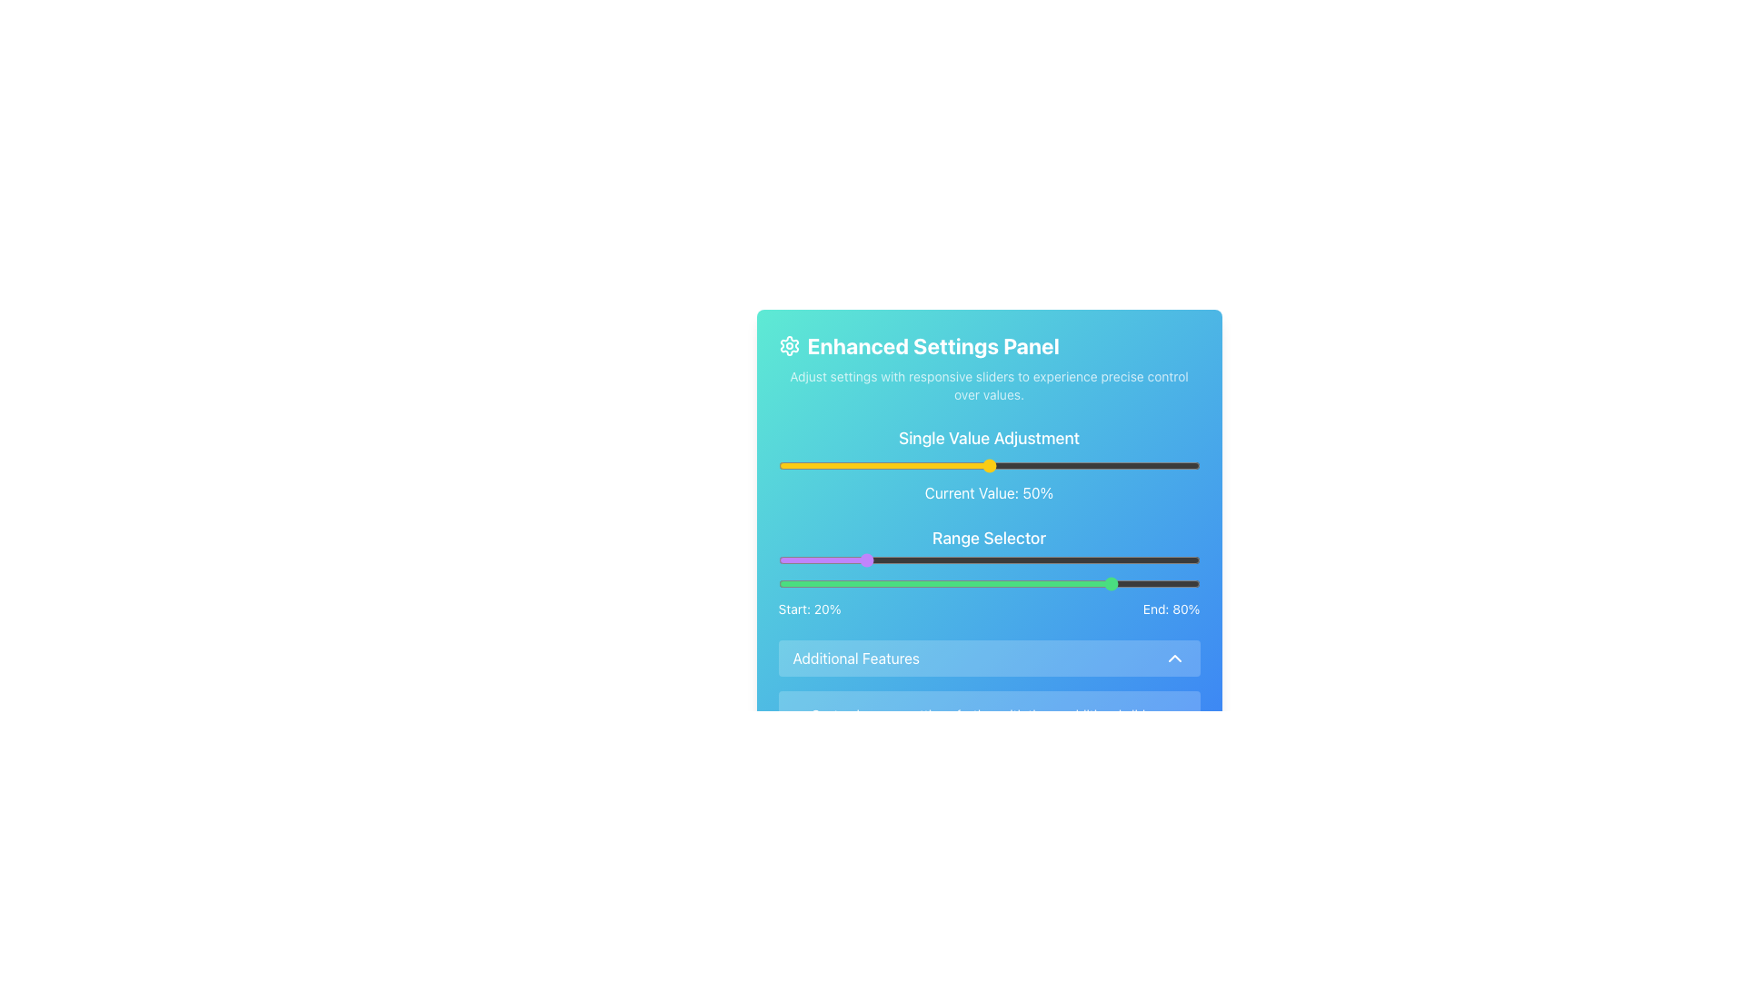 The height and width of the screenshot is (981, 1745). Describe the element at coordinates (988, 384) in the screenshot. I see `the descriptive text element providing context or instructions about the 'Enhanced Settings Panel', which is positioned directly below the heading` at that location.